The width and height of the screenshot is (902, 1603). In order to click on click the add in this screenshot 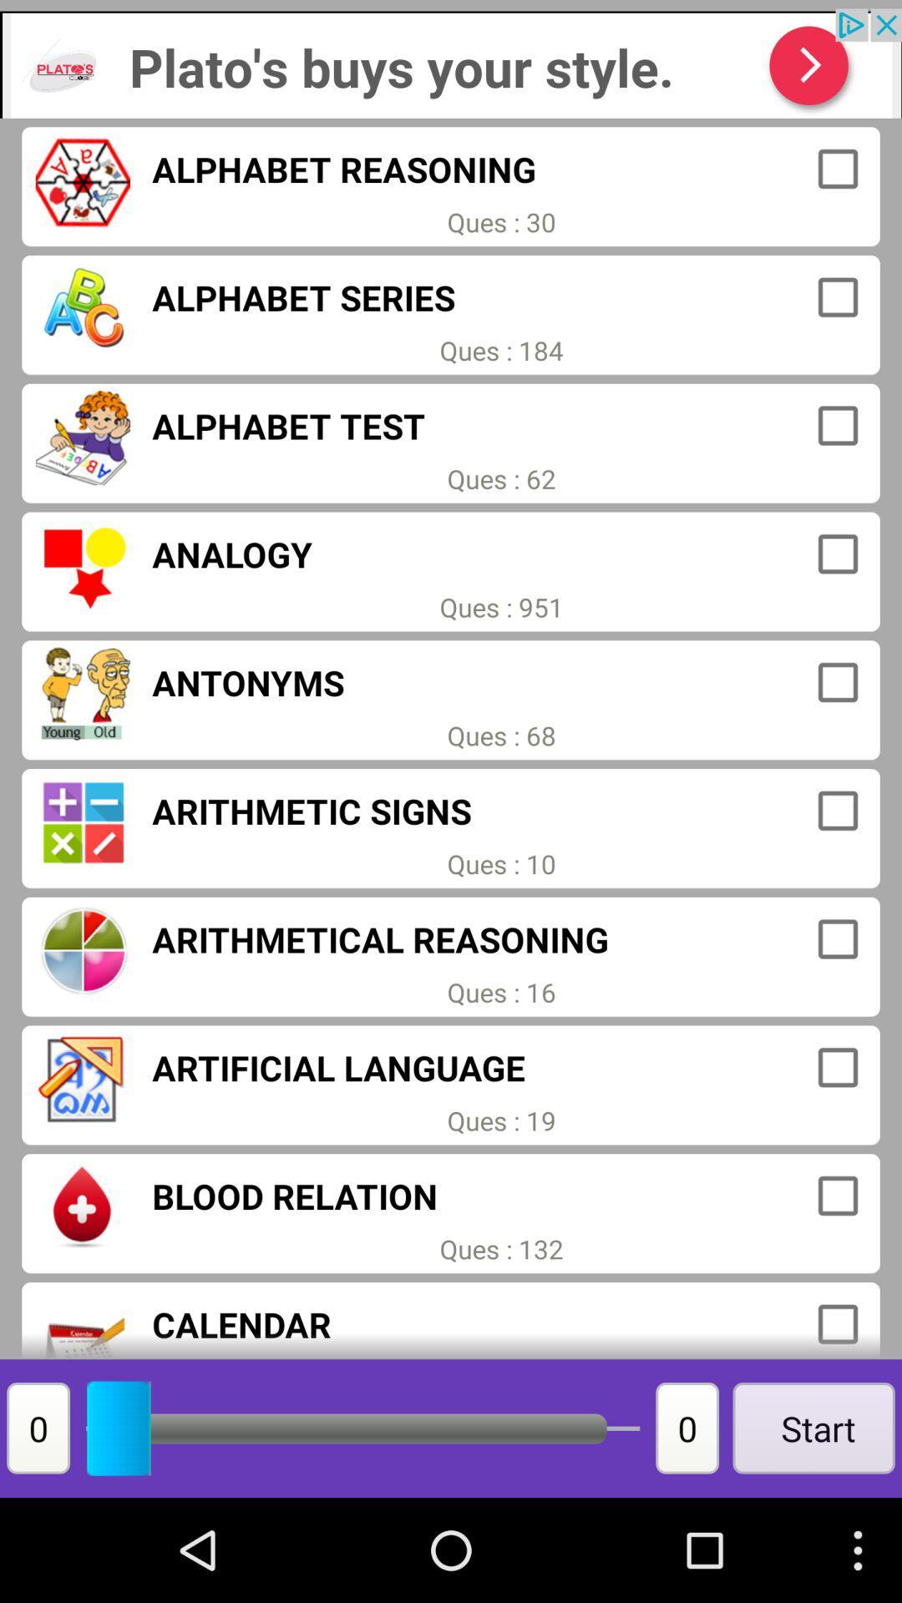, I will do `click(451, 63)`.